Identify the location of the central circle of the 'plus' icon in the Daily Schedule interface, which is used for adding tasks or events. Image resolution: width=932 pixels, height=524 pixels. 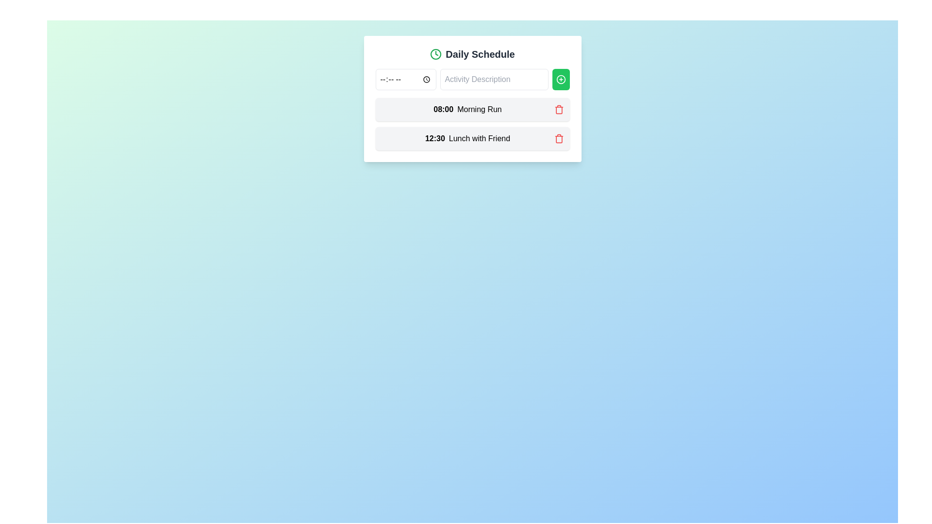
(561, 79).